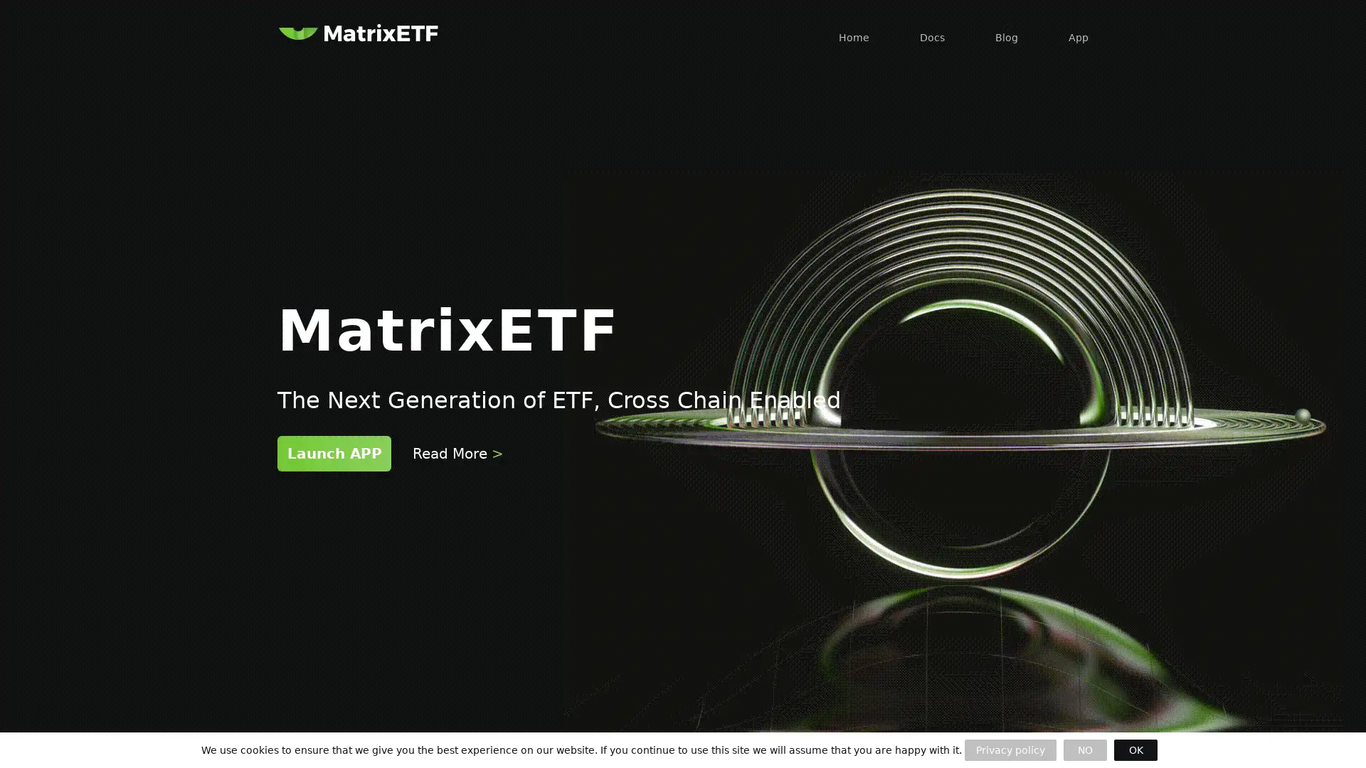 The image size is (1366, 768). What do you see at coordinates (1010, 750) in the screenshot?
I see `Privacy policy` at bounding box center [1010, 750].